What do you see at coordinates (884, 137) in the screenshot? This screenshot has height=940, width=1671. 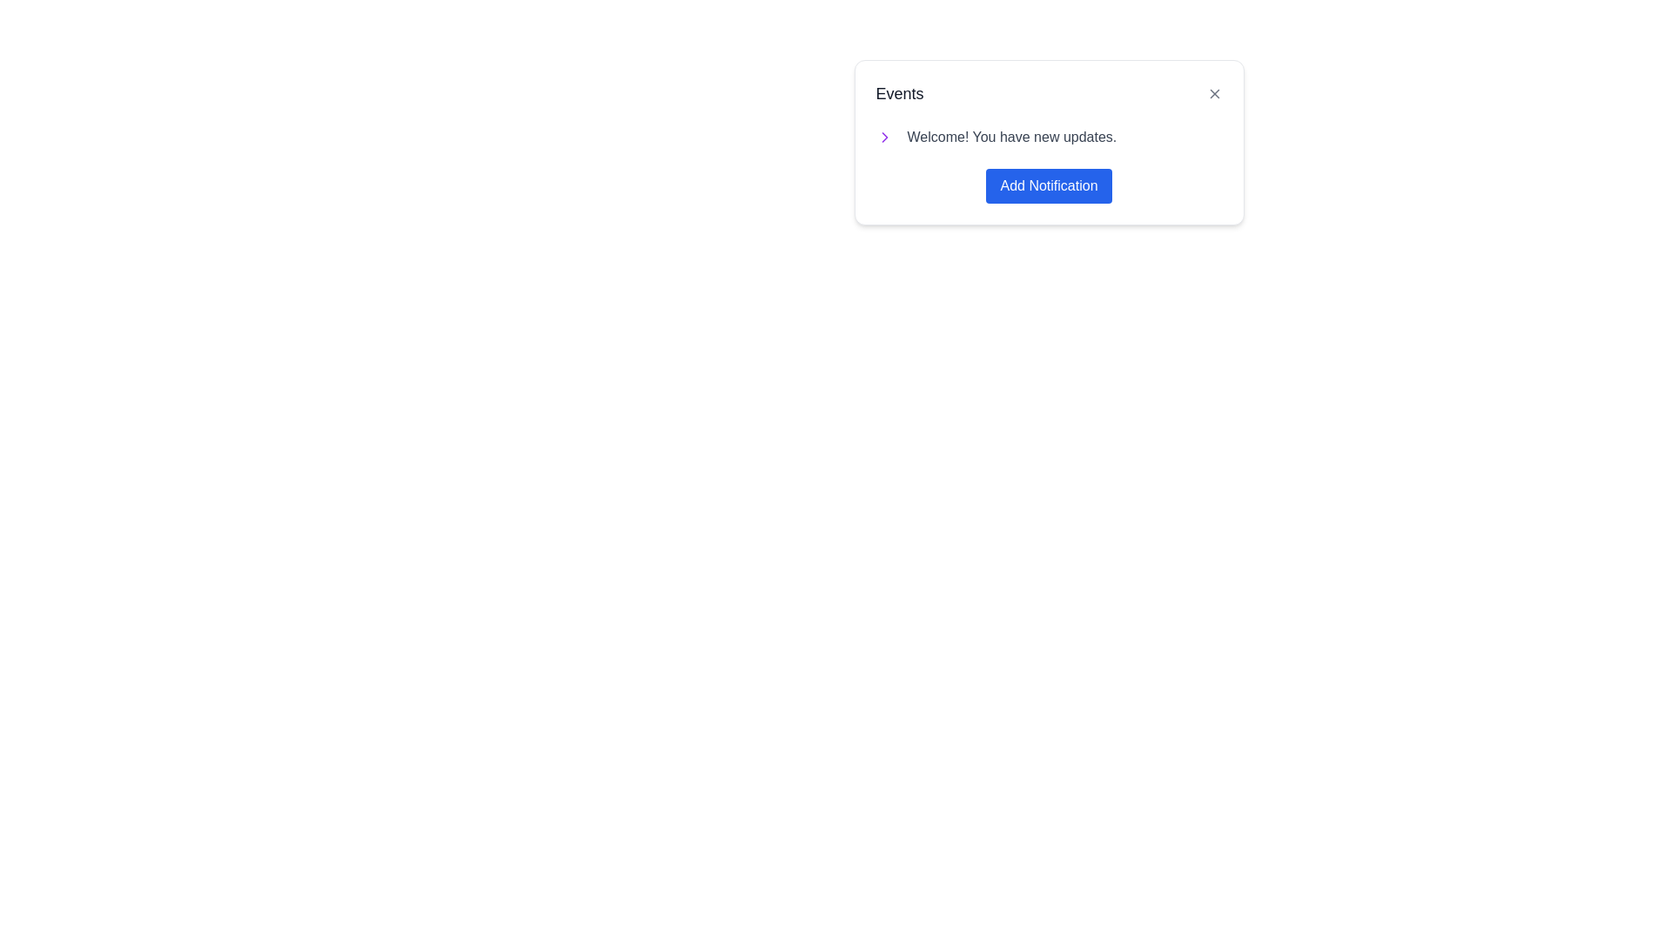 I see `the rightward-facing chevron icon within the 'Events' section` at bounding box center [884, 137].